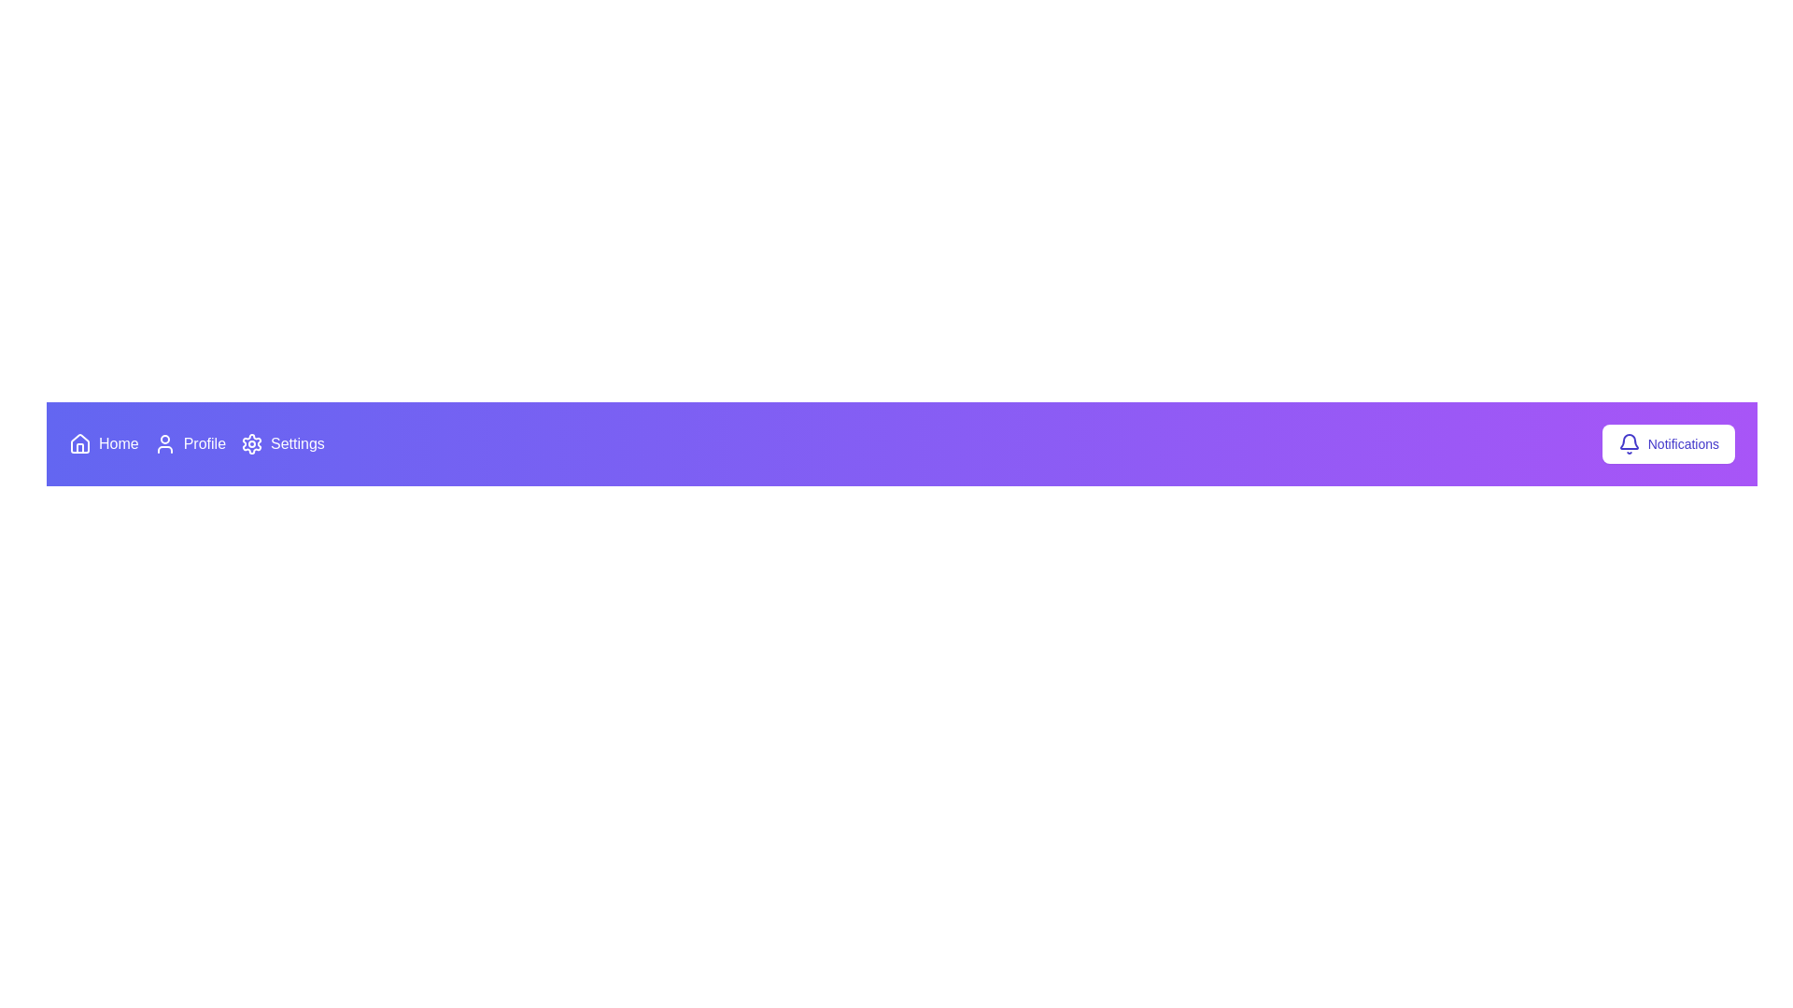  I want to click on the third interactive item in the horizontal navigation menu, which is a clickable link with an icon that navigates to the 'Settings' section of the application, so click(281, 443).